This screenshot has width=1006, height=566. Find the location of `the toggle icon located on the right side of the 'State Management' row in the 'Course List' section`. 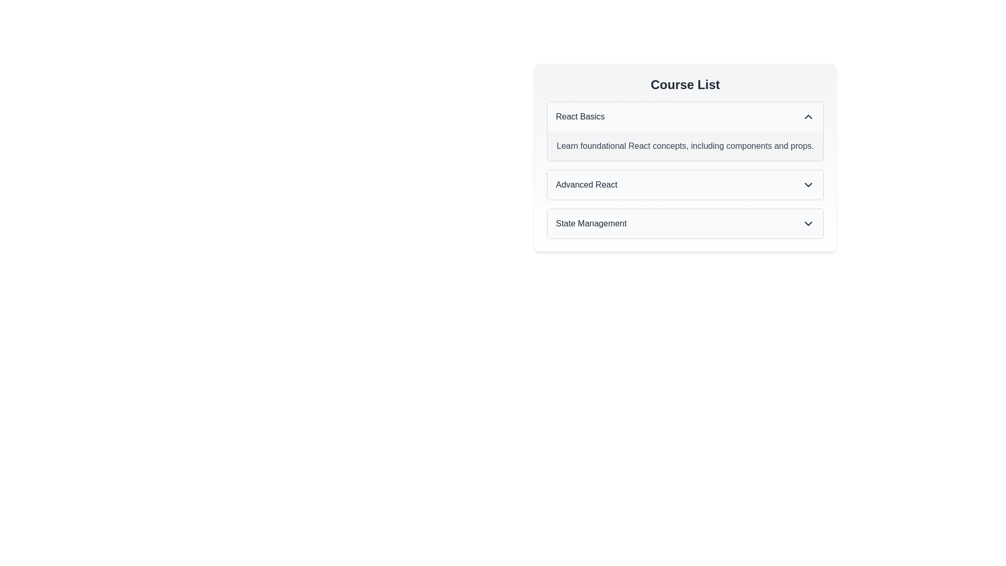

the toggle icon located on the right side of the 'State Management' row in the 'Course List' section is located at coordinates (807, 223).